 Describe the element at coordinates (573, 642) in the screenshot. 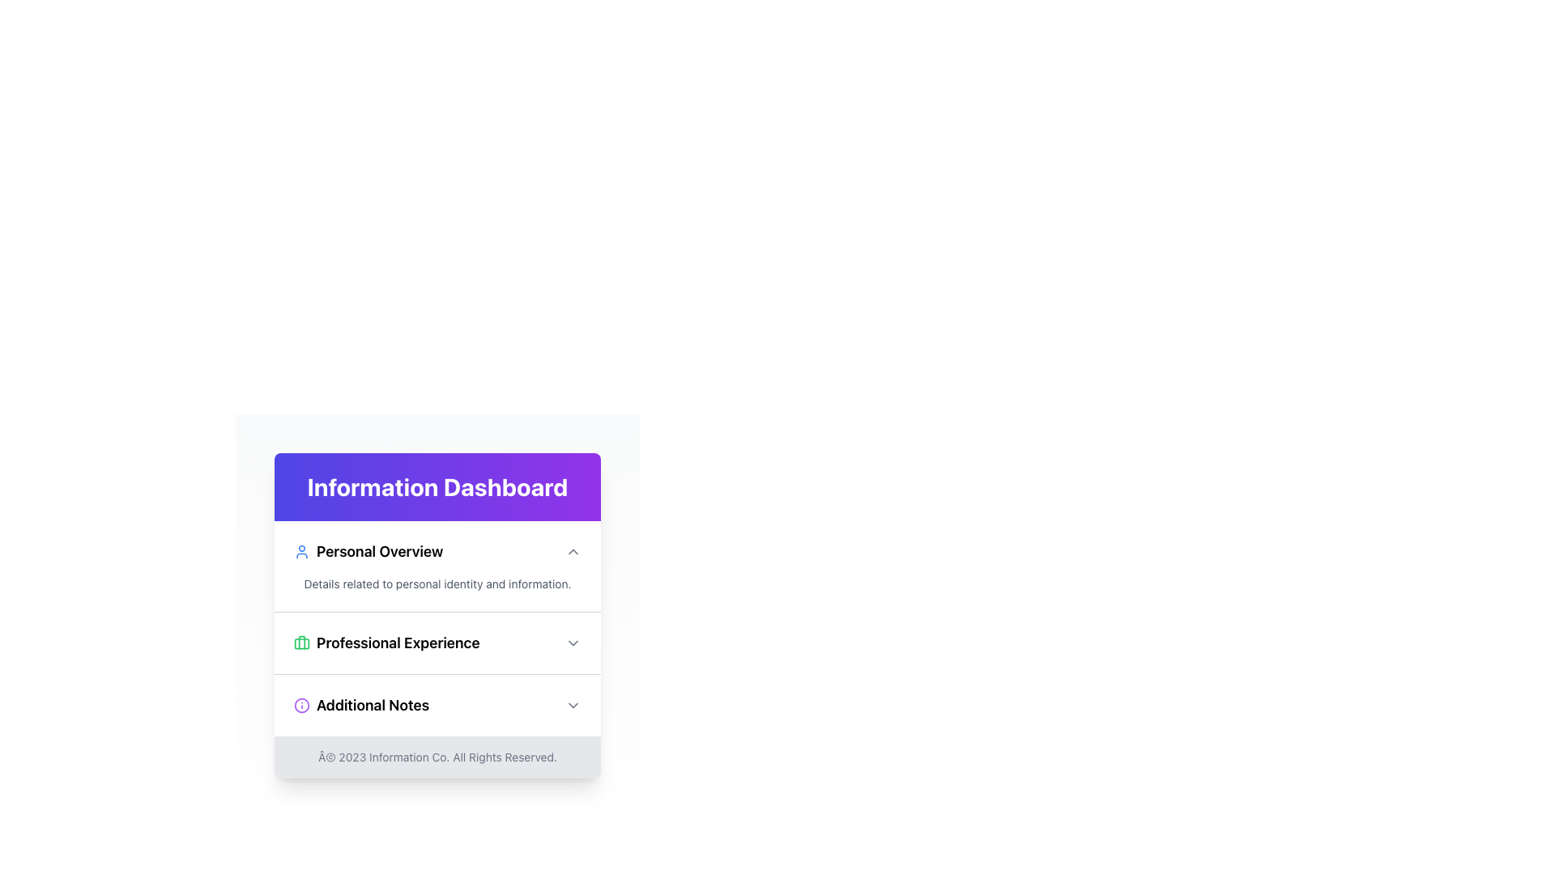

I see `the gray downward-pointing chevron icon located to the right of the 'Professional Experience' text` at that location.